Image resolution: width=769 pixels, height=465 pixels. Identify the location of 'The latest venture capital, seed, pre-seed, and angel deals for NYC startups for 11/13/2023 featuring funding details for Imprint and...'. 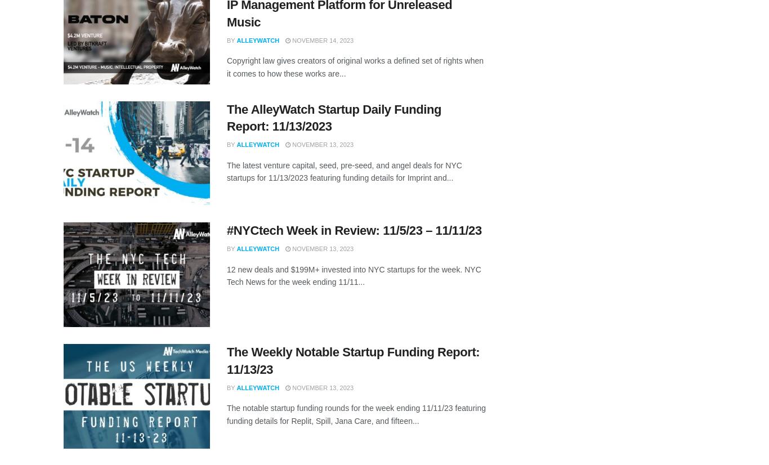
(343, 171).